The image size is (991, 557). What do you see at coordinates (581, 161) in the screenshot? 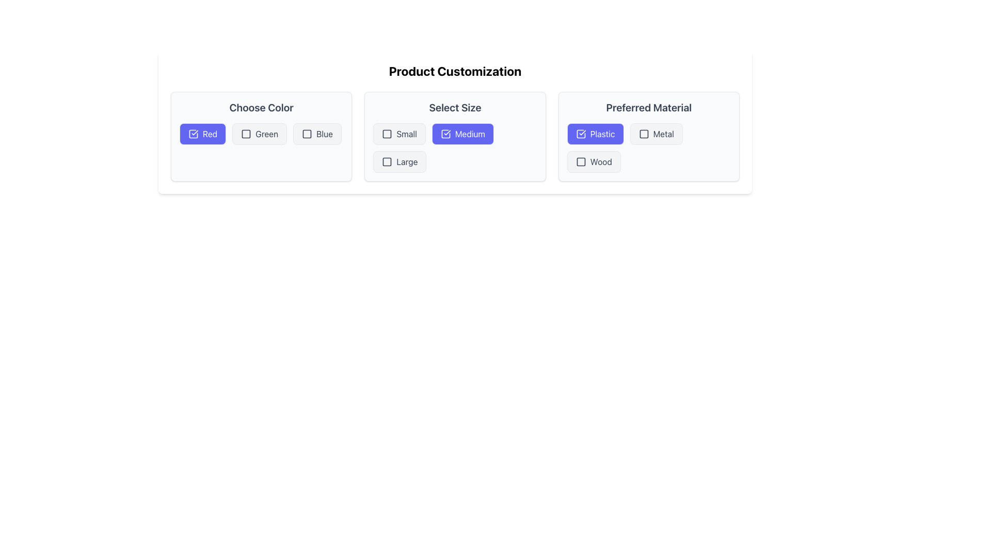
I see `the checkbox` at bounding box center [581, 161].